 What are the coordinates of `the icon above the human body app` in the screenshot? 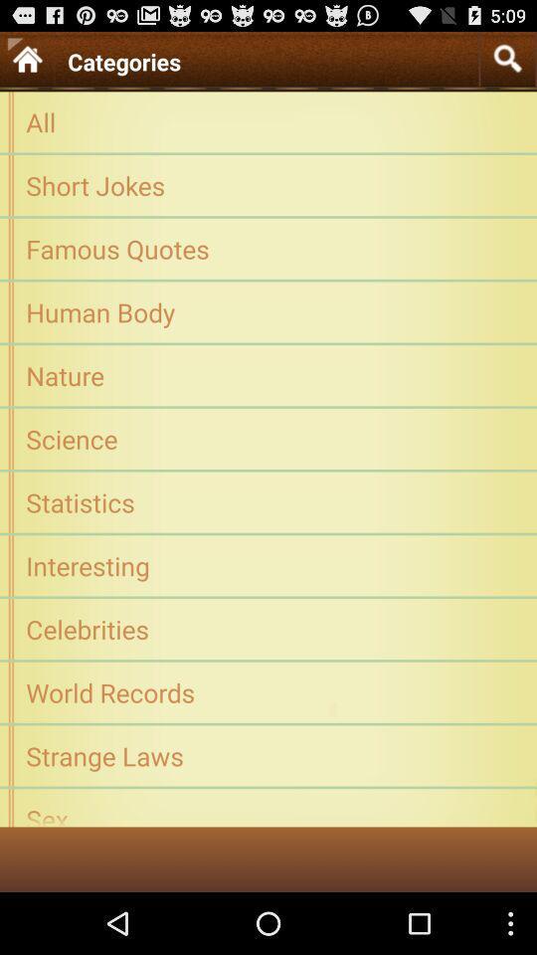 It's located at (268, 247).